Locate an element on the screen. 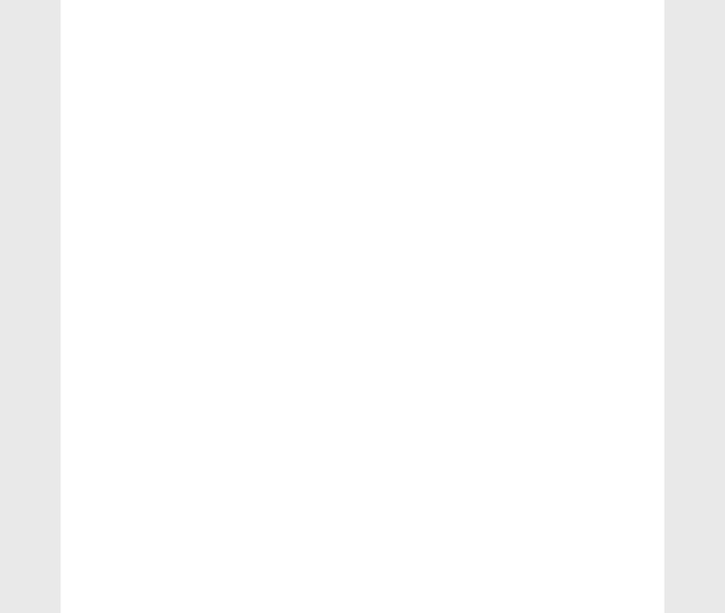 Image resolution: width=725 pixels, height=613 pixels. 'working capital' is located at coordinates (548, 37).